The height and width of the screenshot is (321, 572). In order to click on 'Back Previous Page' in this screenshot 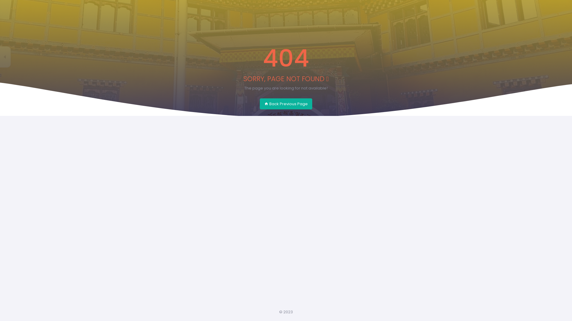, I will do `click(286, 104)`.